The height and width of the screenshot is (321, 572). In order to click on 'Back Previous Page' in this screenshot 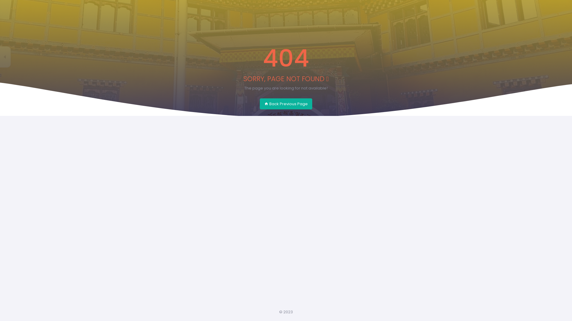, I will do `click(286, 104)`.